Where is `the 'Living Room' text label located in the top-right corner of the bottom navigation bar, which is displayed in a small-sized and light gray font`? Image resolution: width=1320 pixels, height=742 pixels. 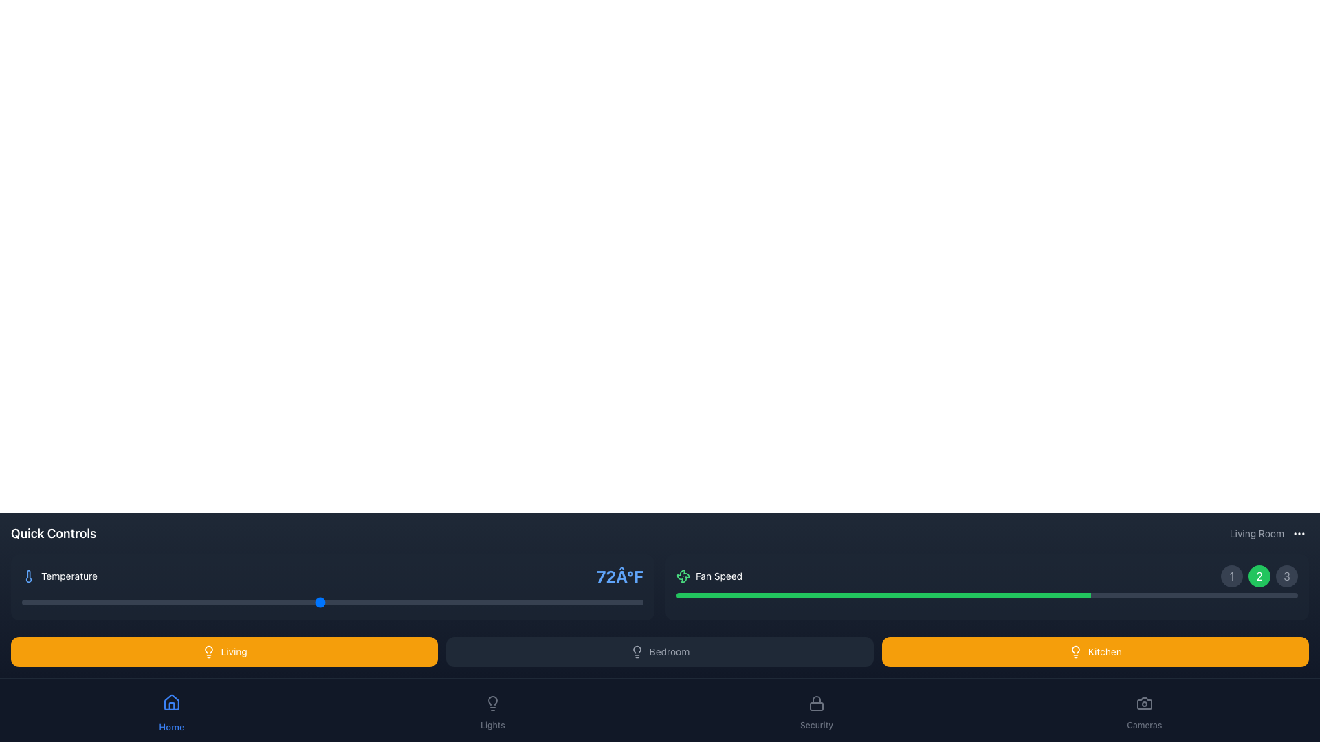
the 'Living Room' text label located in the top-right corner of the bottom navigation bar, which is displayed in a small-sized and light gray font is located at coordinates (1257, 532).